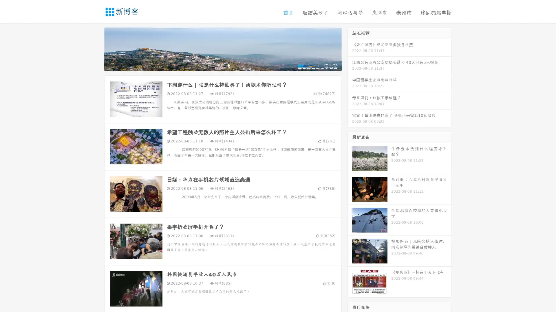 The width and height of the screenshot is (556, 312). What do you see at coordinates (96, 49) in the screenshot?
I see `Previous slide` at bounding box center [96, 49].